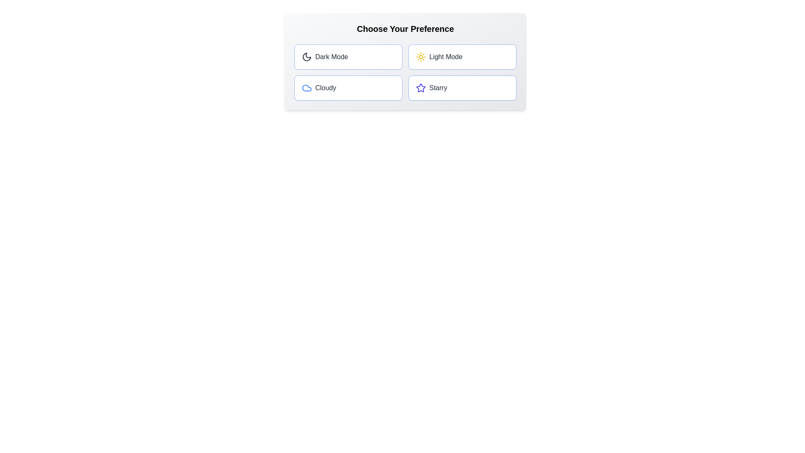 The width and height of the screenshot is (805, 453). Describe the element at coordinates (306, 88) in the screenshot. I see `the blue outlined cloud-shaped icon in the lower-left quadrant of the preference selection interface` at that location.